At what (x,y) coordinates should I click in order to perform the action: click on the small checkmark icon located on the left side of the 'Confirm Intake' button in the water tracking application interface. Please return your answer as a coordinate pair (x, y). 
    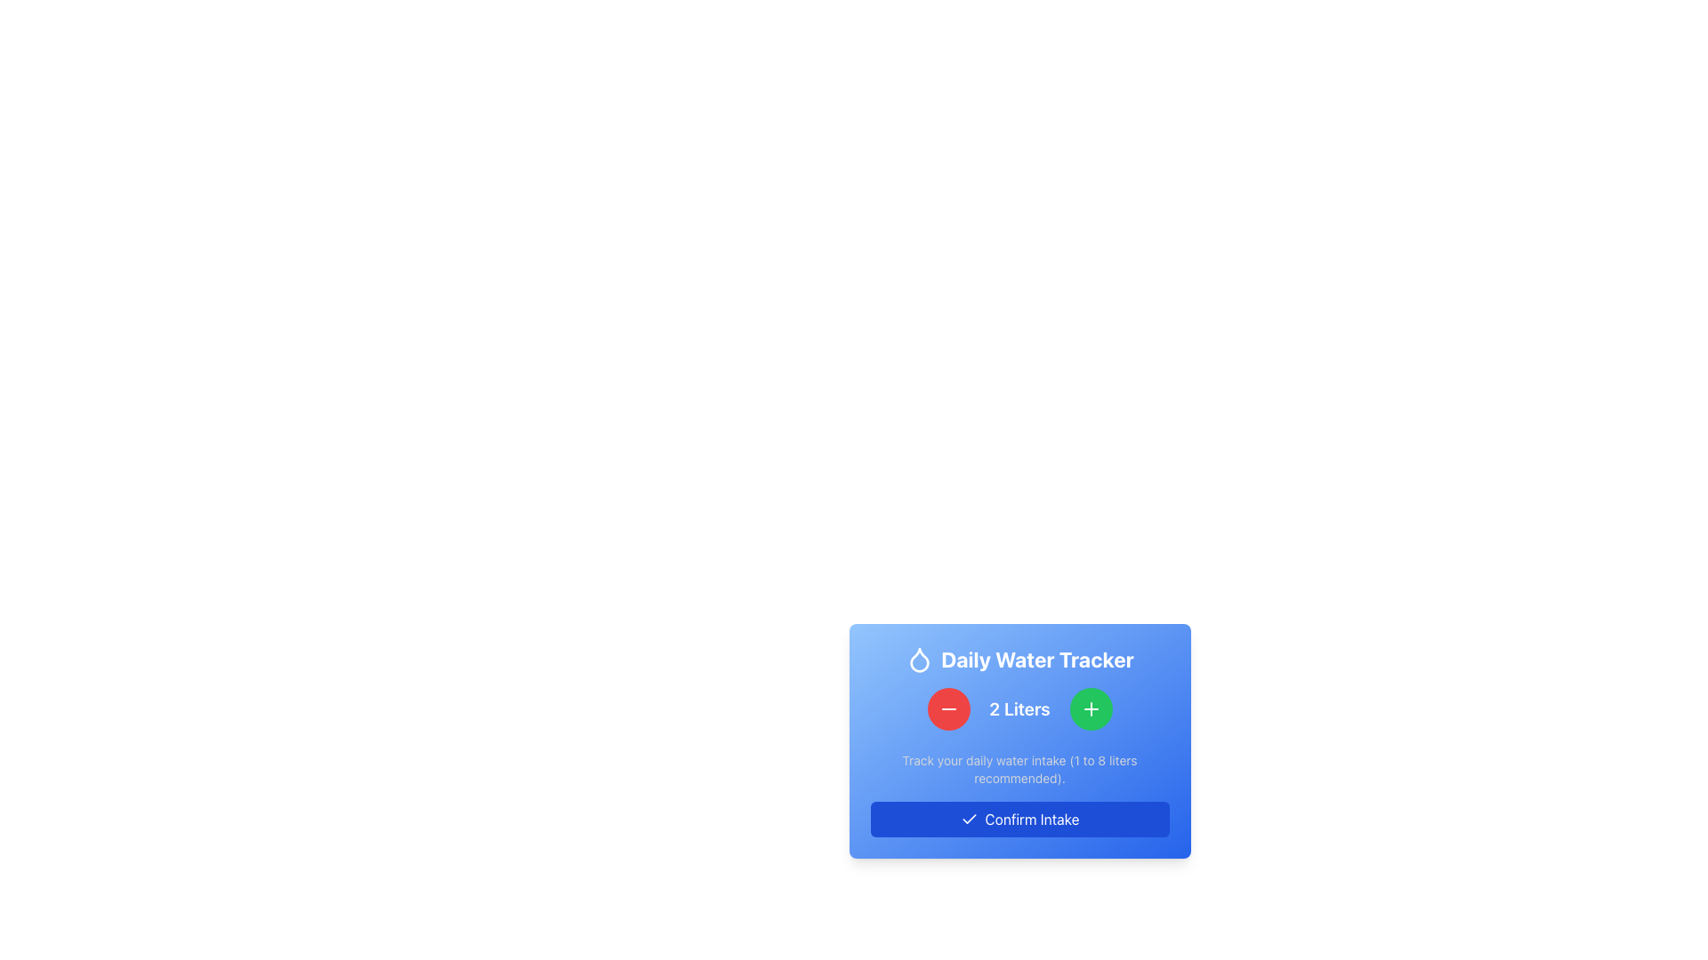
    Looking at the image, I should click on (968, 819).